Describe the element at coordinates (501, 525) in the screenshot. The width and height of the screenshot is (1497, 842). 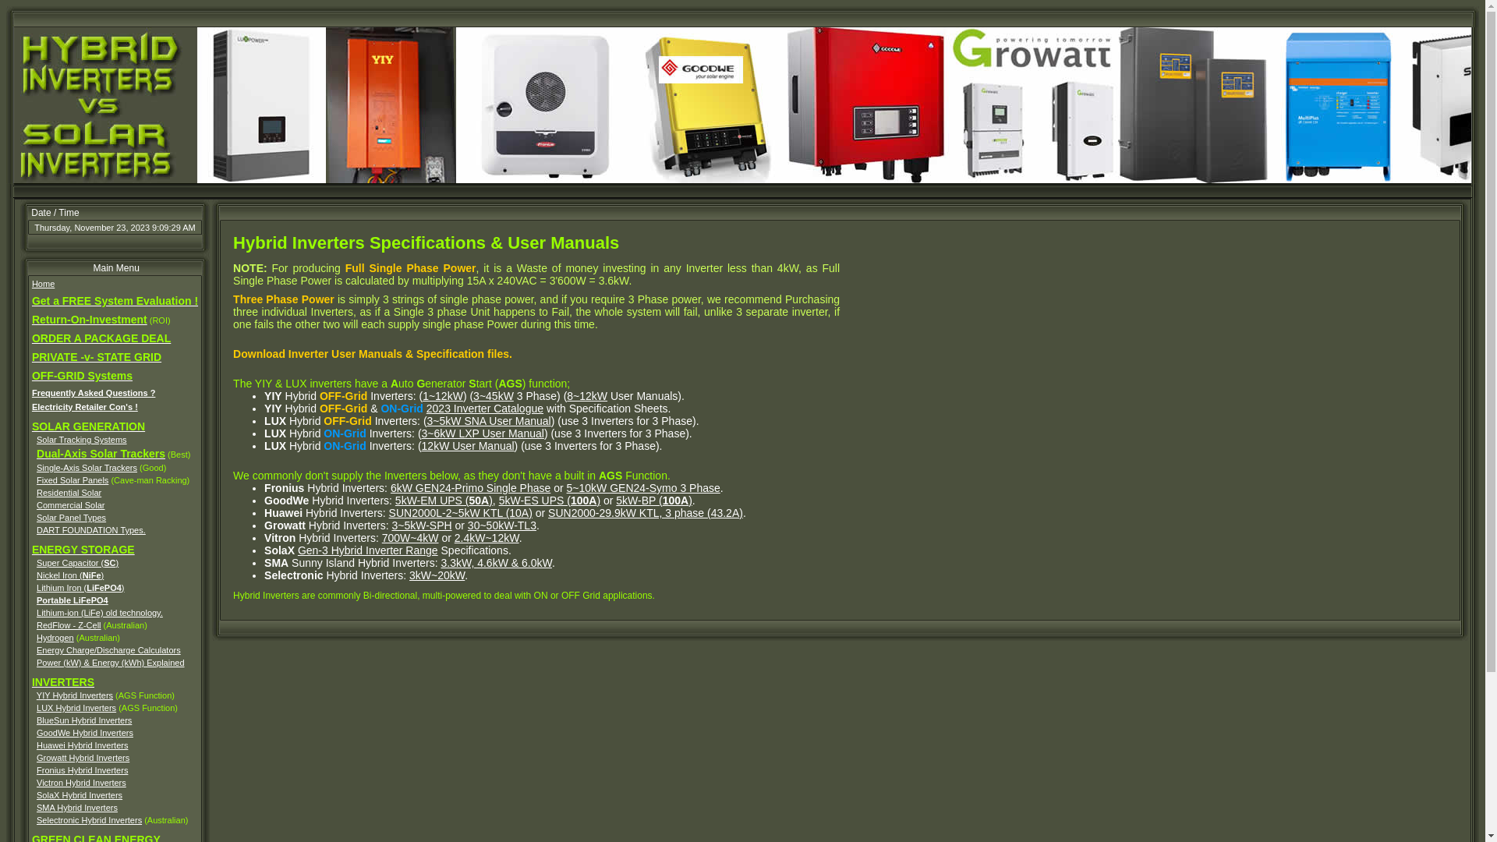
I see `'30~50kW-TL3'` at that location.